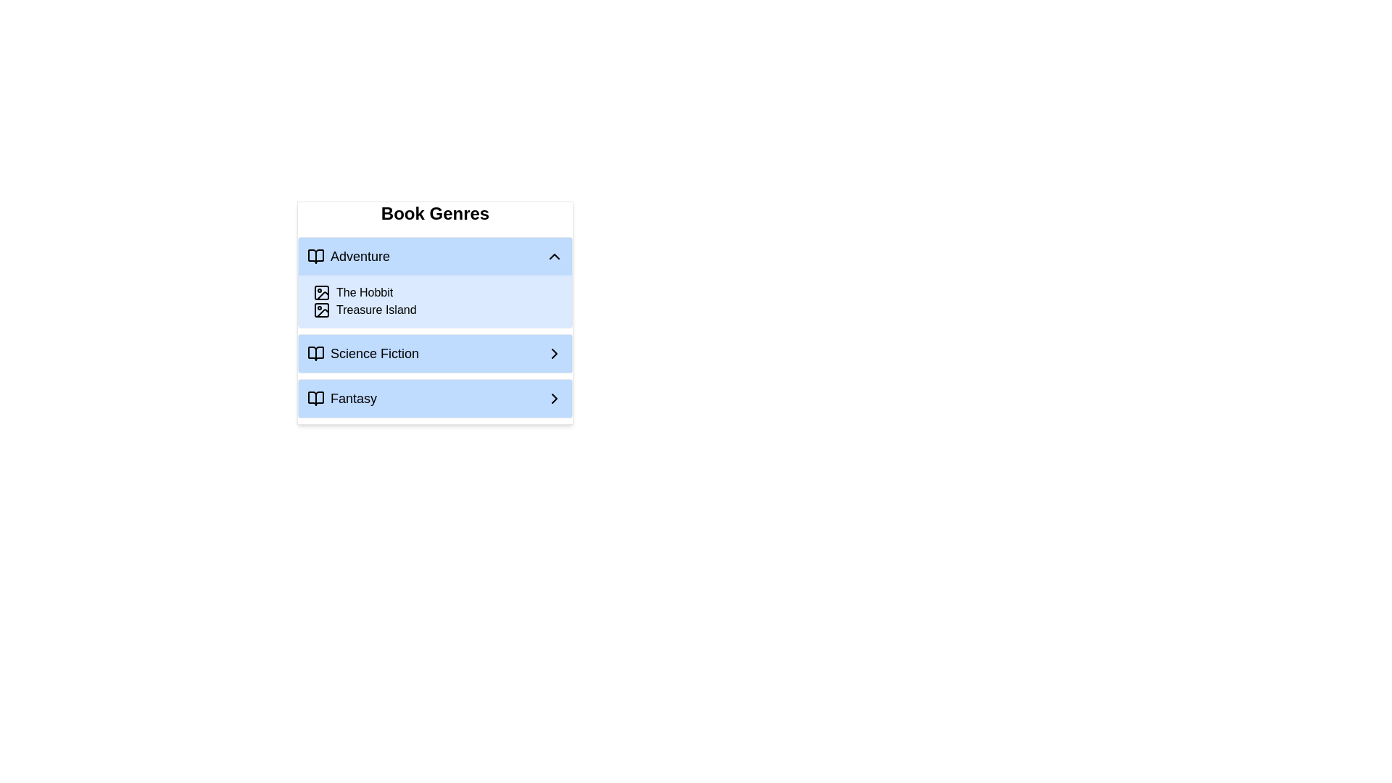 This screenshot has height=783, width=1392. I want to click on the image placeholder icon located in the 'Adventure' section next to the title 'Treasure Island', so click(321, 310).